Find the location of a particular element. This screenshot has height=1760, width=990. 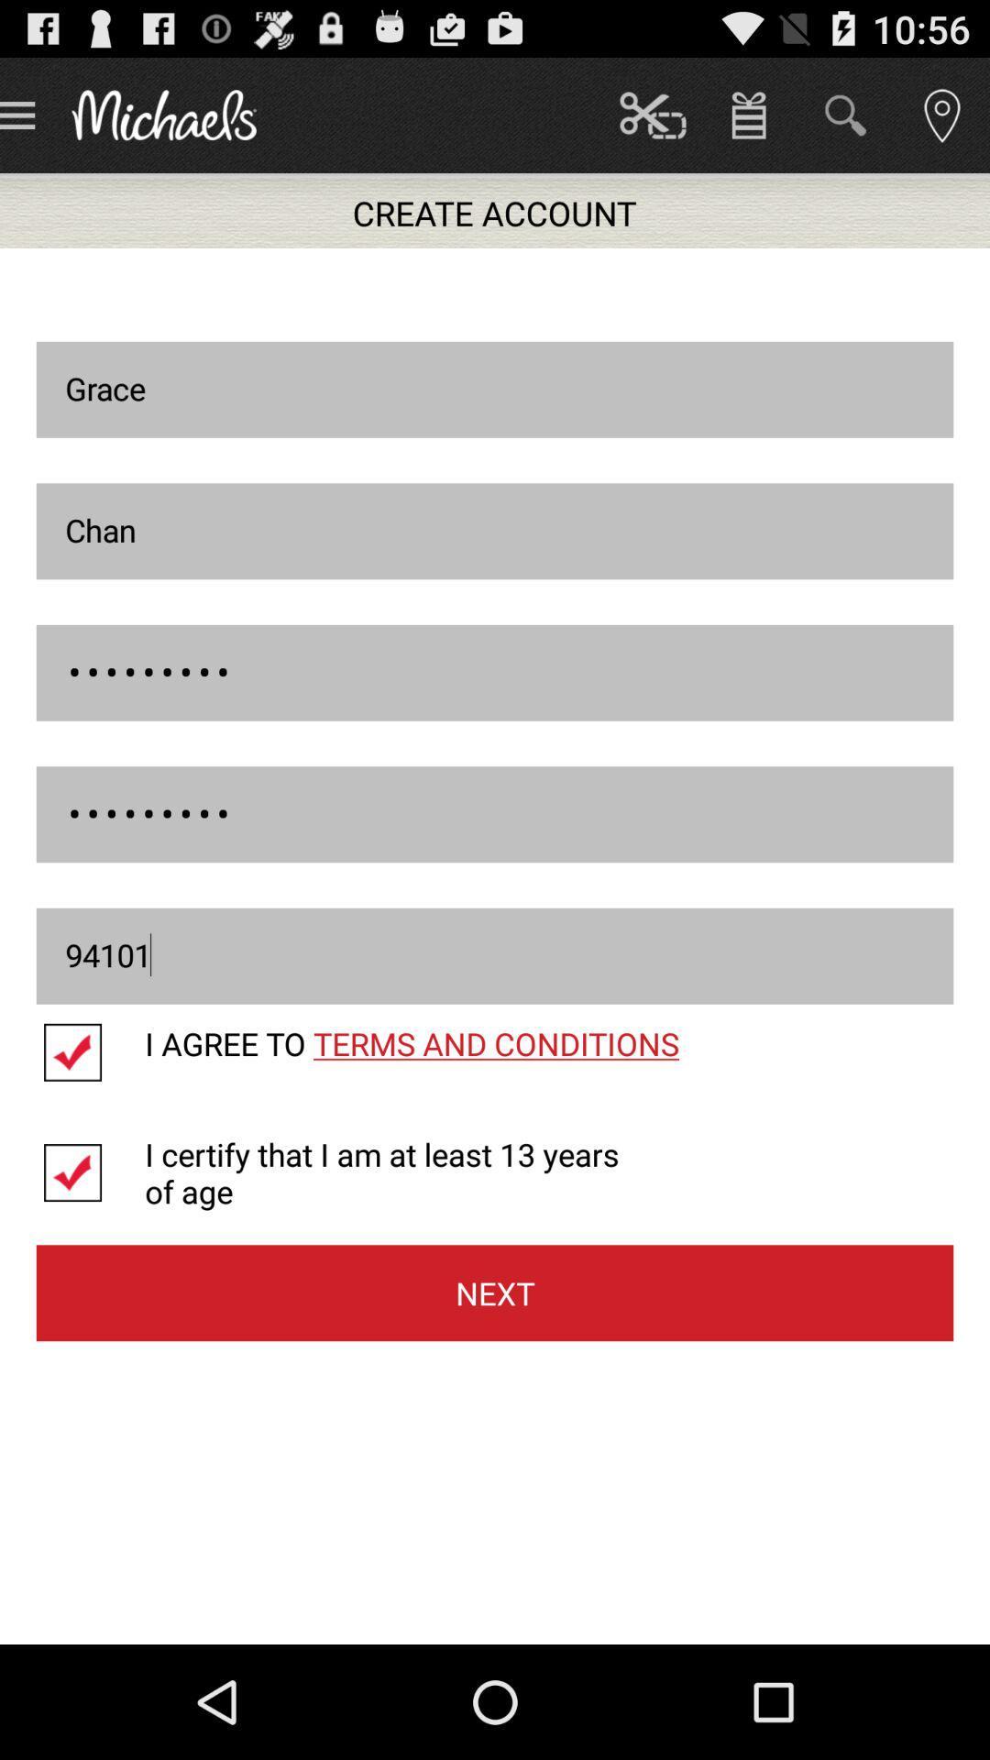

agreement to terms and conditions is located at coordinates (91, 1052).